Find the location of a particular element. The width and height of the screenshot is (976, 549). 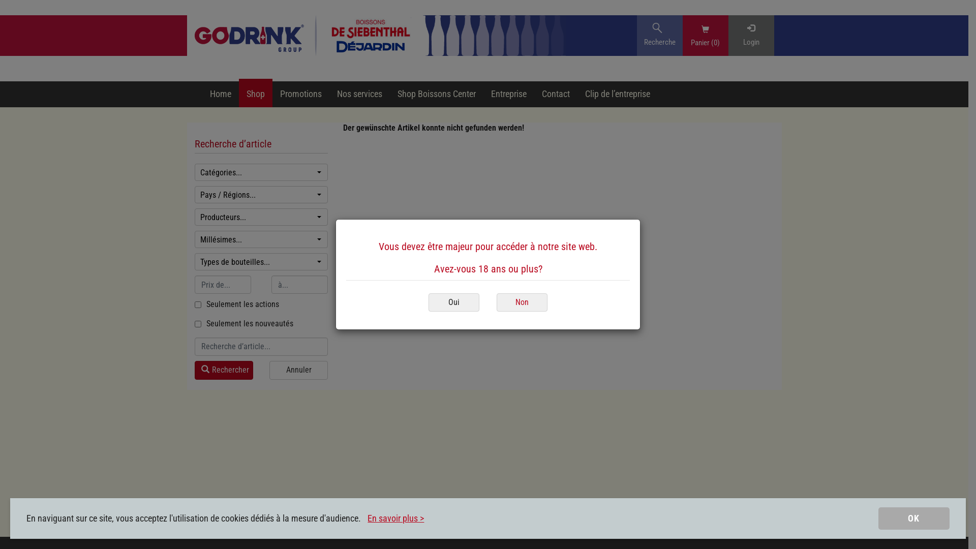

'Non' is located at coordinates (522, 302).